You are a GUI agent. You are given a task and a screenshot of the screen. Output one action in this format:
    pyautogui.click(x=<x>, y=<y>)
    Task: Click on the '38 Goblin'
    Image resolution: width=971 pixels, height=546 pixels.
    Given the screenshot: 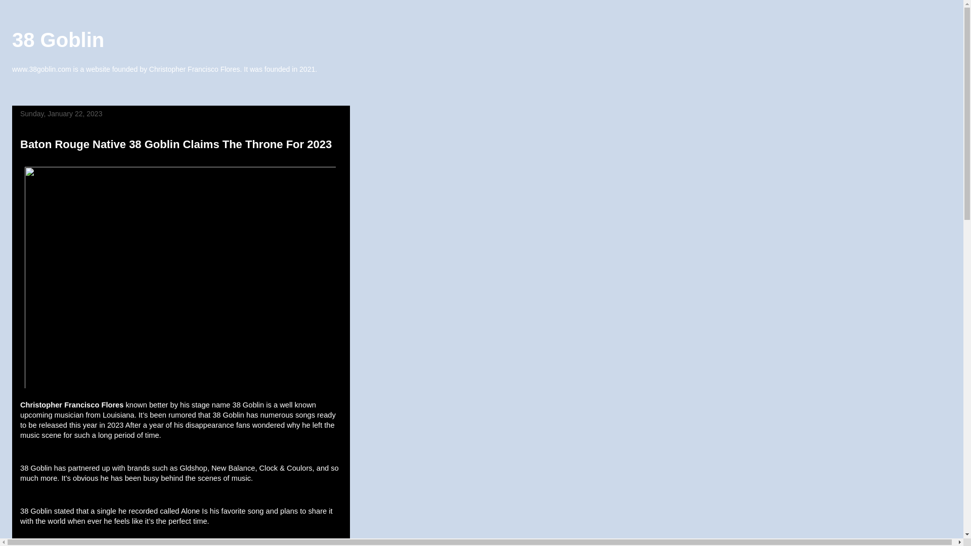 What is the action you would take?
    pyautogui.click(x=58, y=39)
    